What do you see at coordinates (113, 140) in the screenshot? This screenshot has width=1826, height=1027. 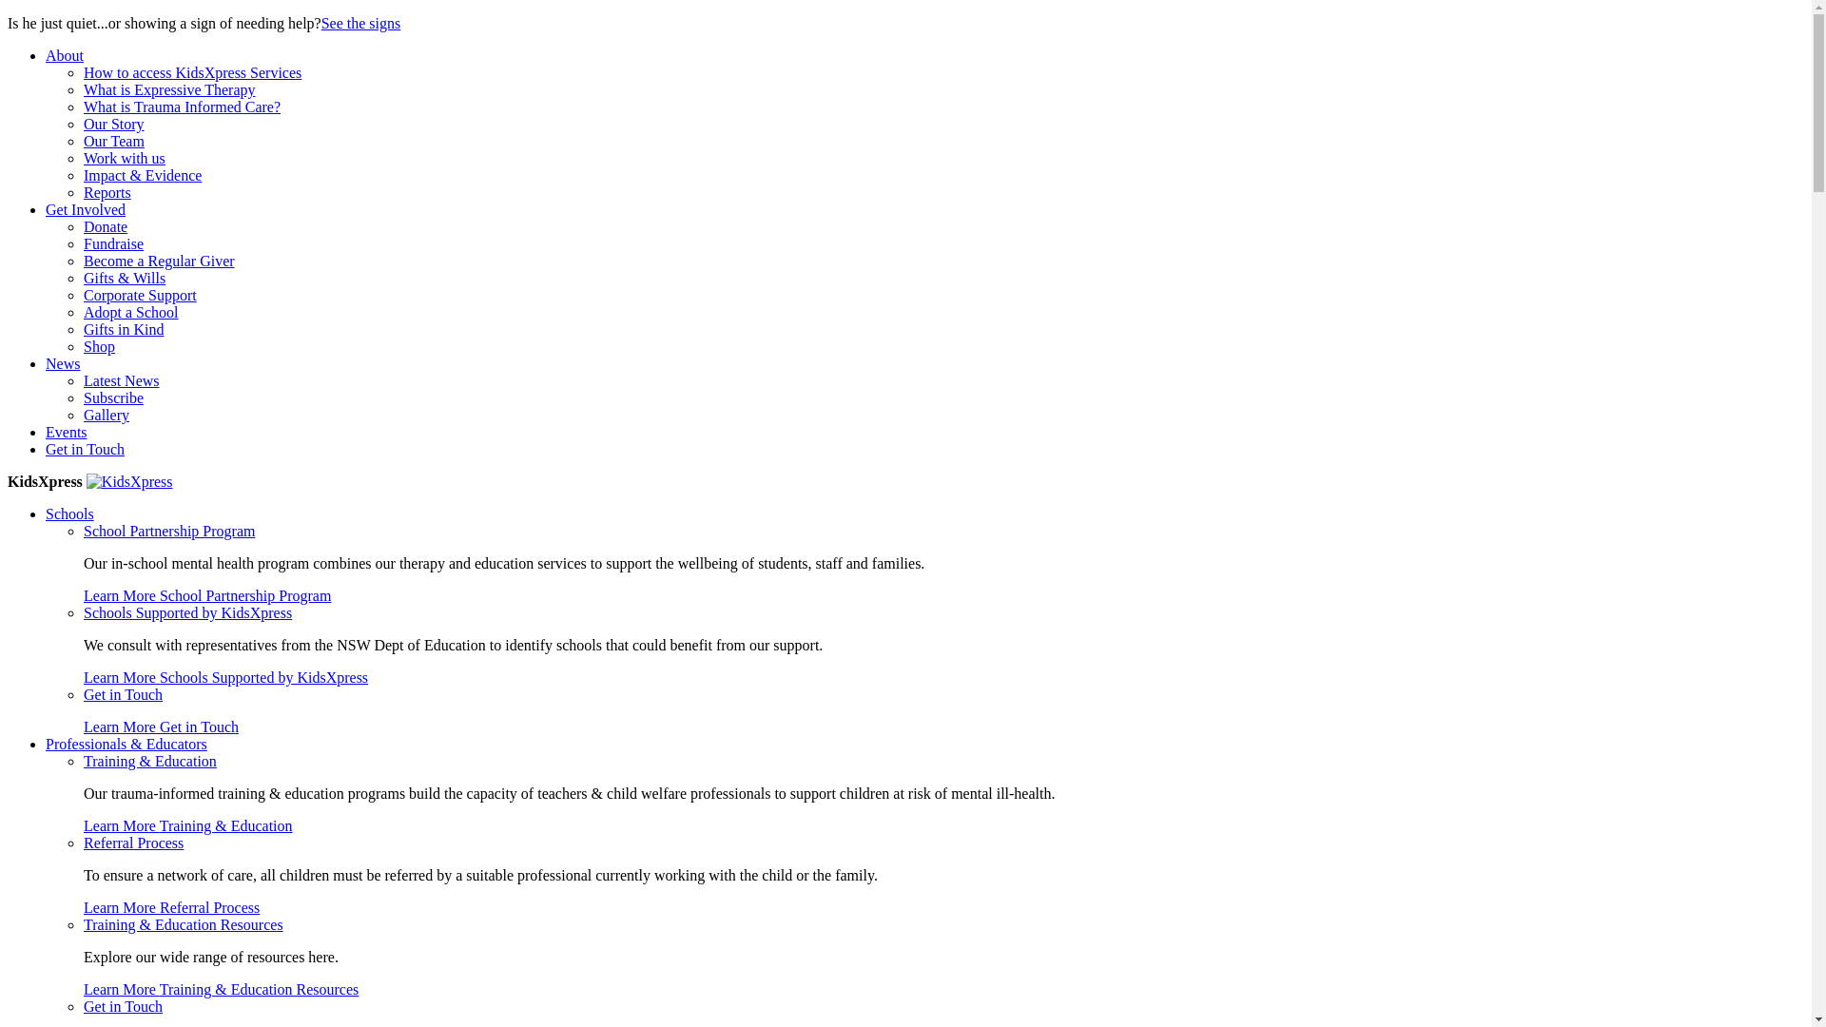 I see `'Our Team'` at bounding box center [113, 140].